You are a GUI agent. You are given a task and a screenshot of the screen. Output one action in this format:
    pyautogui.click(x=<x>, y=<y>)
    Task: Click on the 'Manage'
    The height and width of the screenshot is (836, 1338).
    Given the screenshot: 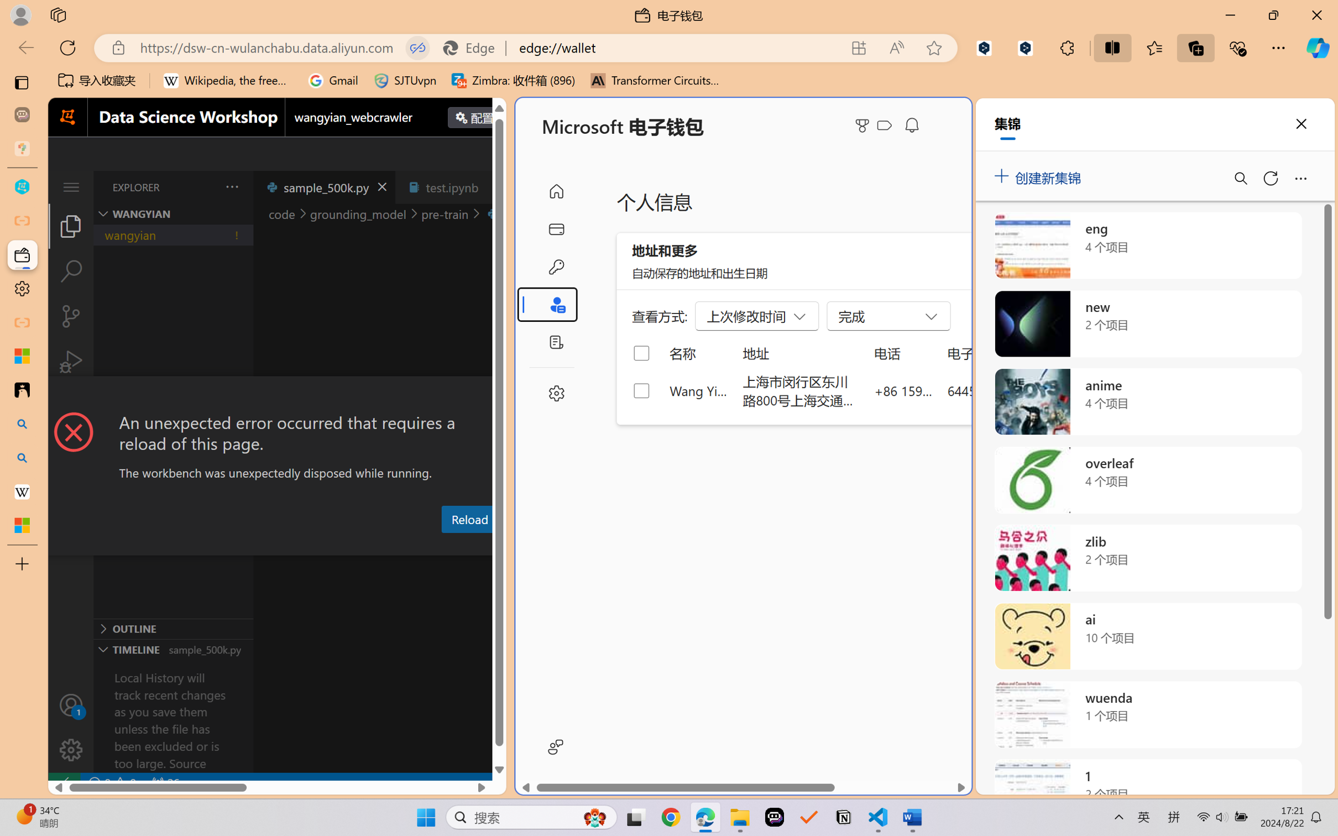 What is the action you would take?
    pyautogui.click(x=70, y=749)
    